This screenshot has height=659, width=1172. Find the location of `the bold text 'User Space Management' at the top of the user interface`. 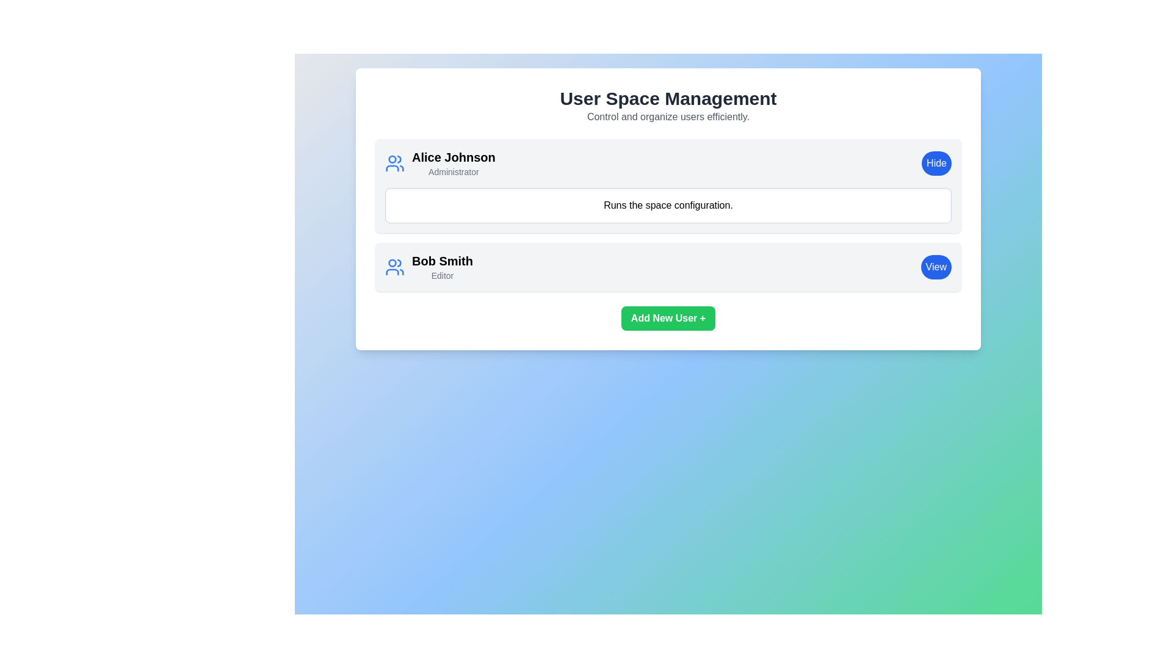

the bold text 'User Space Management' at the top of the user interface is located at coordinates (667, 98).